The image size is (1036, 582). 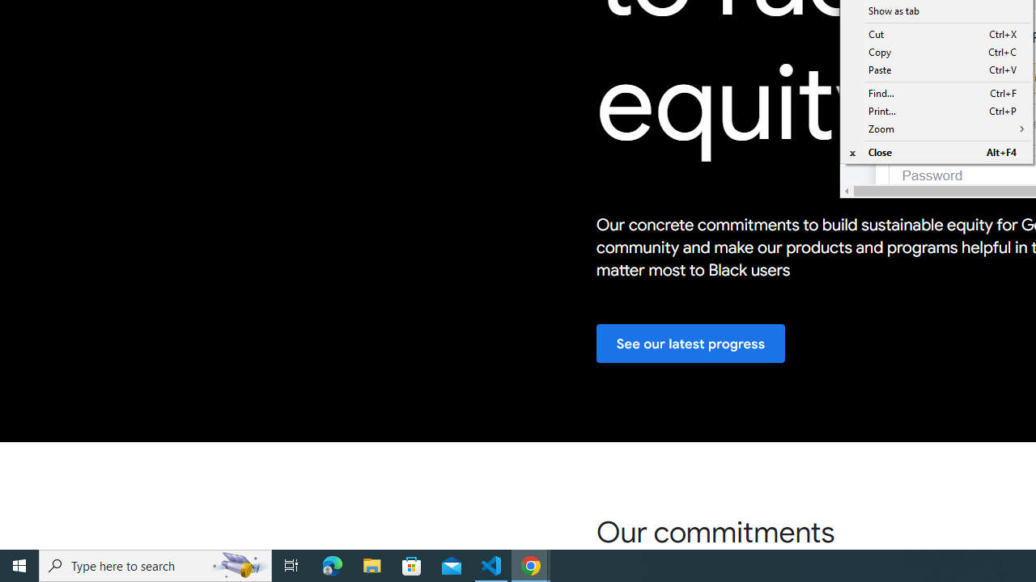 I want to click on 'Microsoft Edge', so click(x=332, y=564).